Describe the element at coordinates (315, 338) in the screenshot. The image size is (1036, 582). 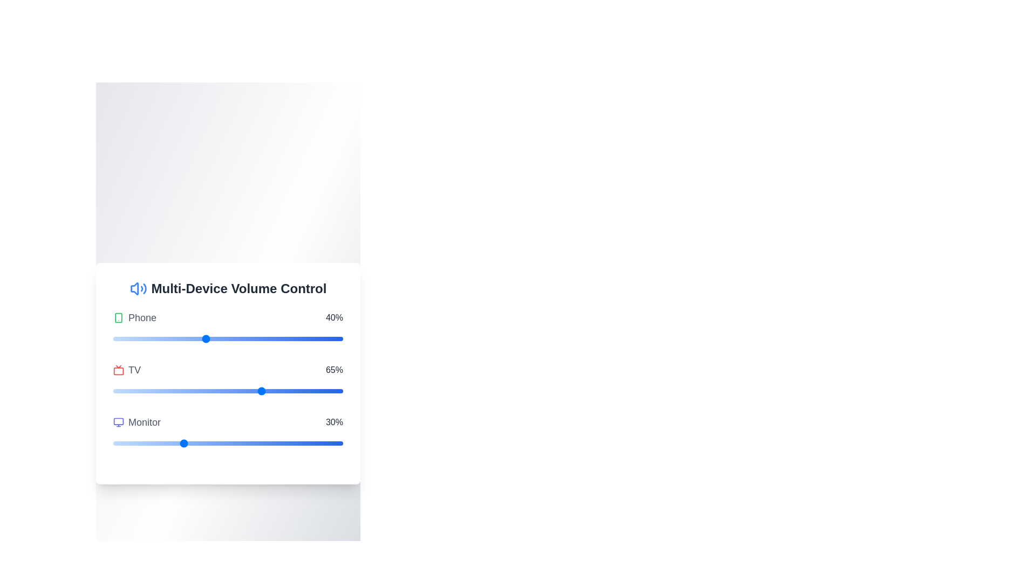
I see `the volume slider` at that location.